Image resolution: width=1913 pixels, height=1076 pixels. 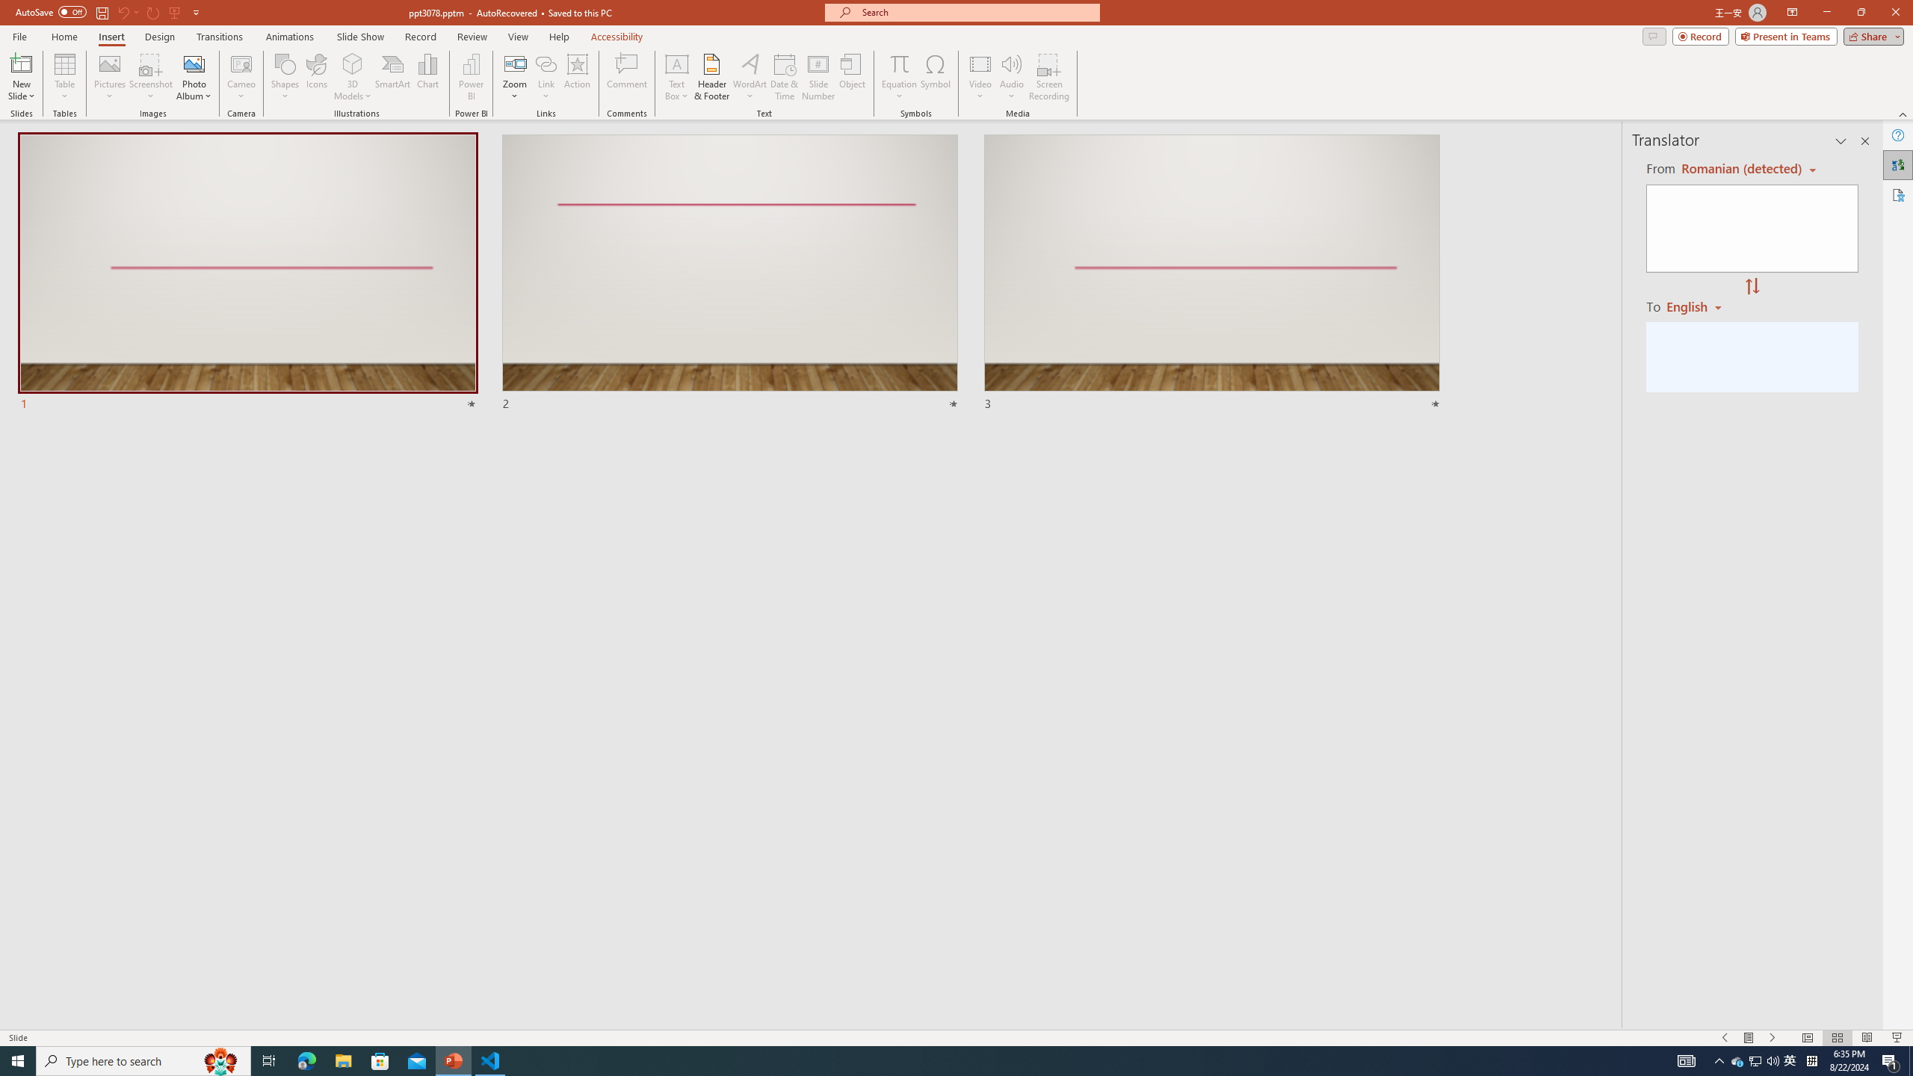 What do you see at coordinates (898, 63) in the screenshot?
I see `'Equation'` at bounding box center [898, 63].